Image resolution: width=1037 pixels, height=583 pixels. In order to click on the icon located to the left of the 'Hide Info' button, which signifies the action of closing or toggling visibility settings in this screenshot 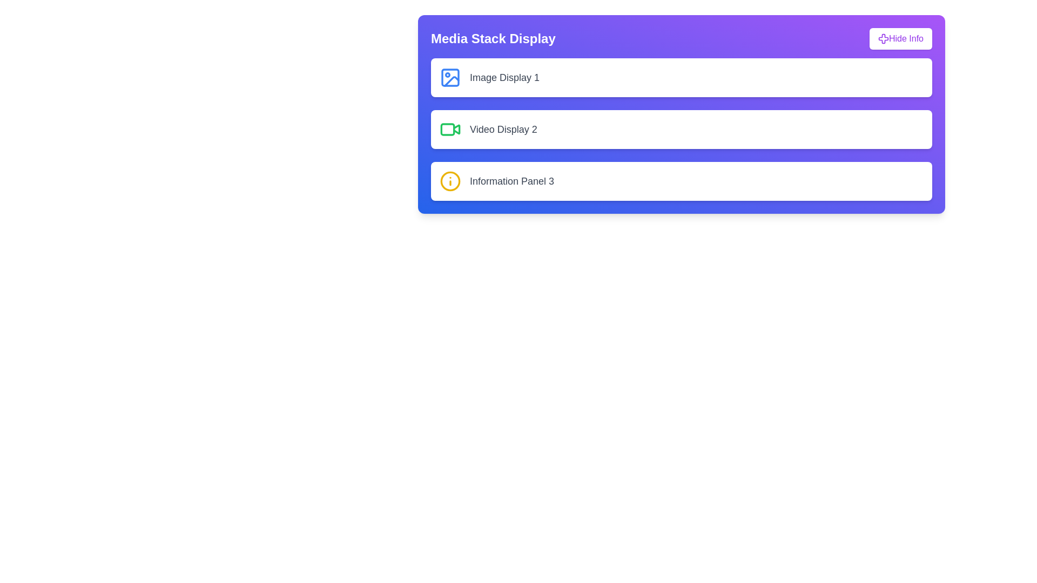, I will do `click(884, 38)`.